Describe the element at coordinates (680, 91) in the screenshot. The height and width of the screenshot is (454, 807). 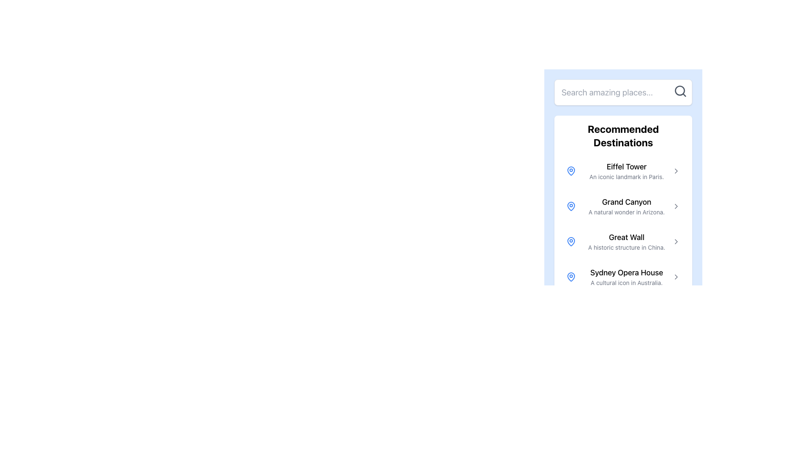
I see `the search icon button located at the top-right corner of the search input field` at that location.